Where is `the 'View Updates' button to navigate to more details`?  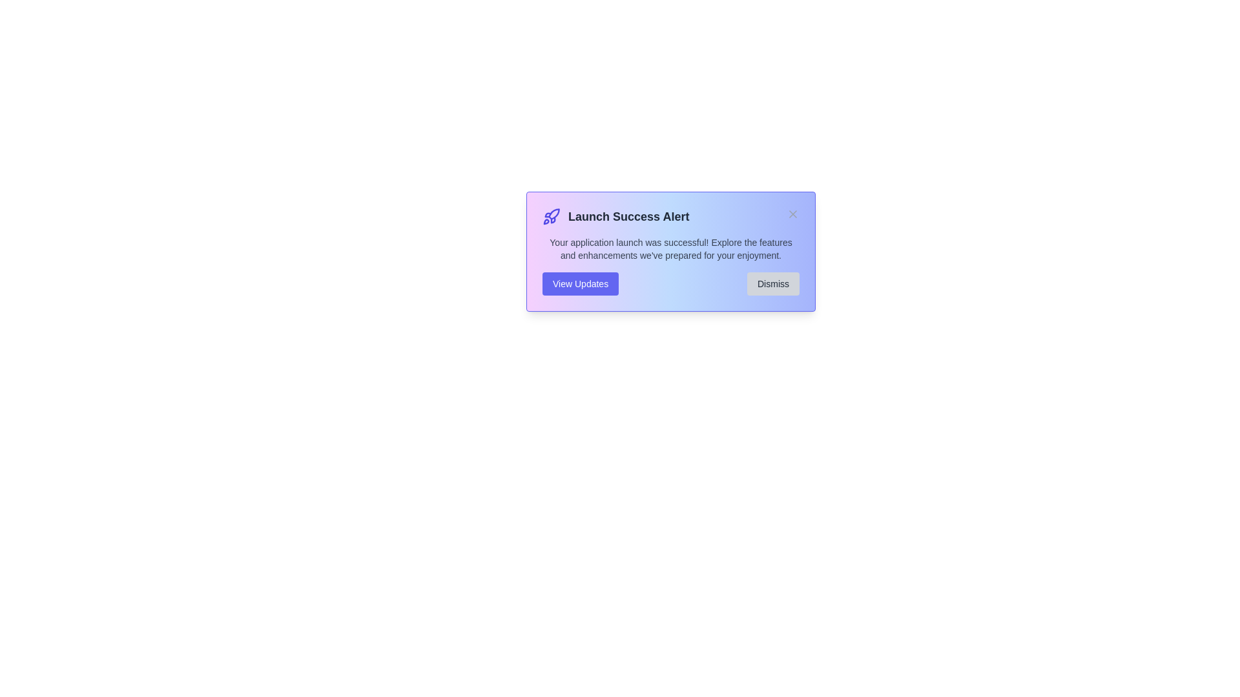 the 'View Updates' button to navigate to more details is located at coordinates (579, 283).